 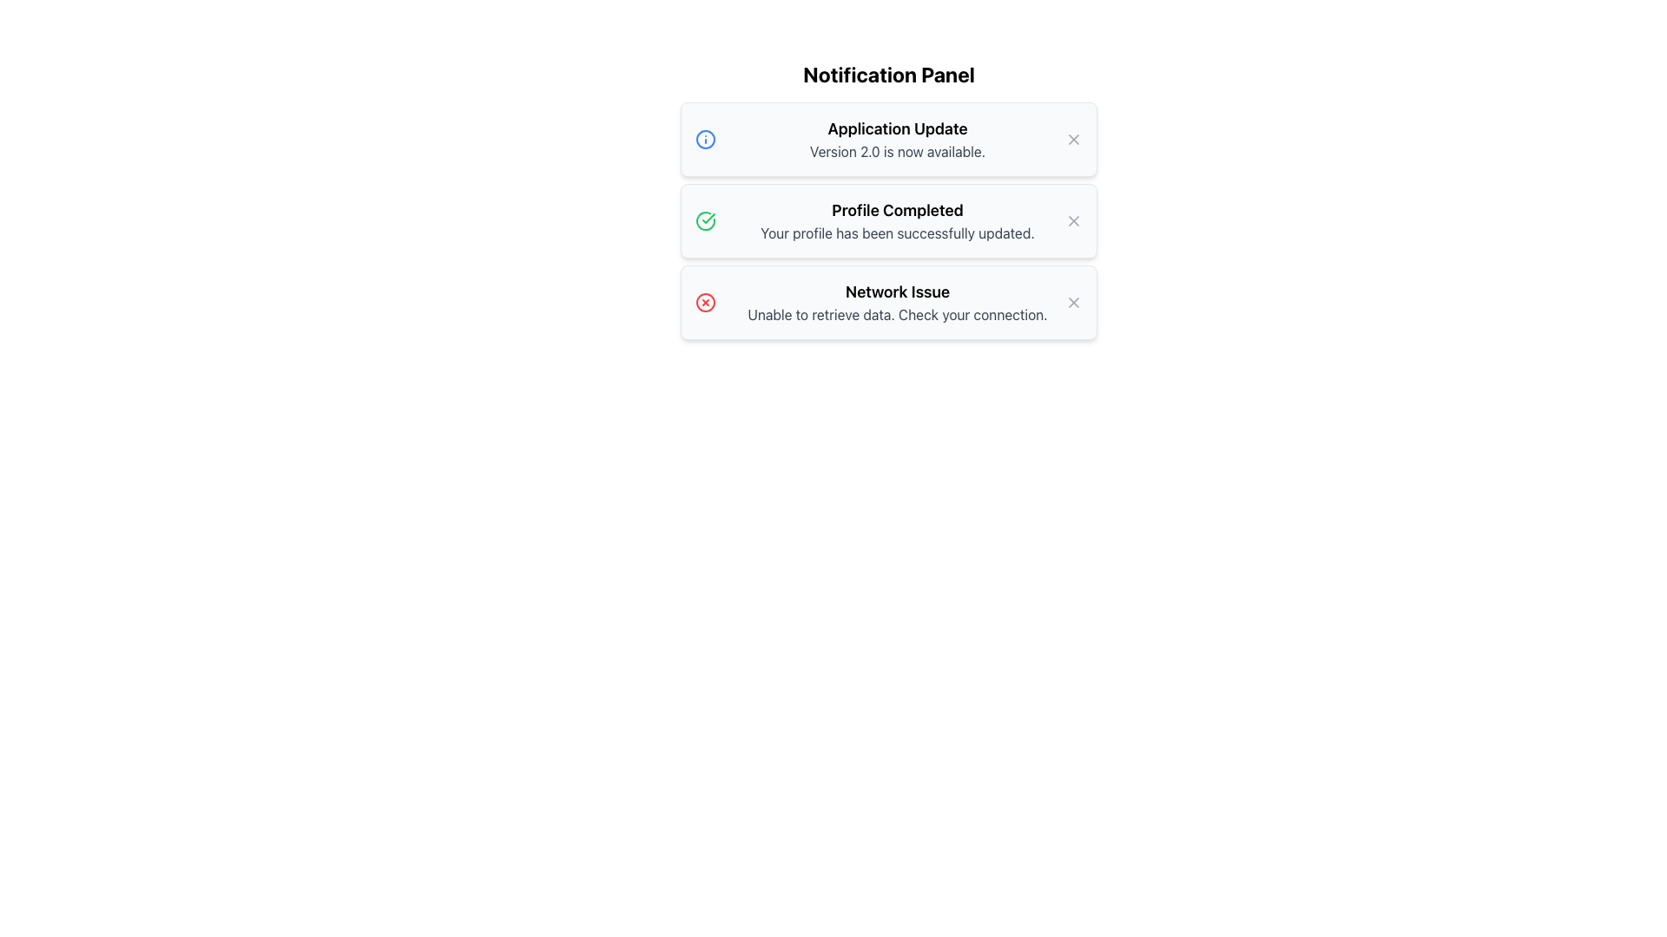 What do you see at coordinates (705, 220) in the screenshot?
I see `the green circular icon with a checkmark, which indicates completion, located on the left side of the 'Profile Completed' notification in the second row of the notification panel` at bounding box center [705, 220].